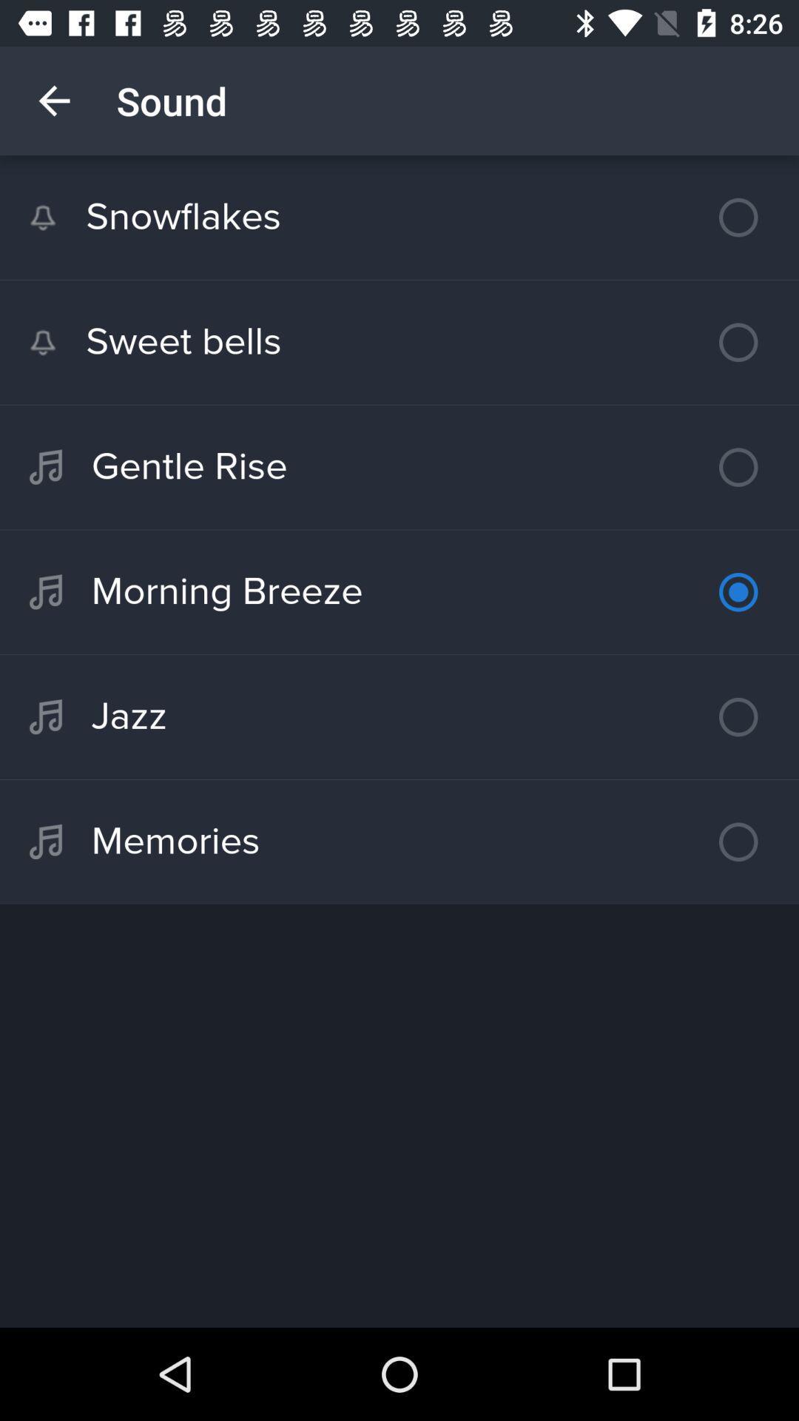 The height and width of the screenshot is (1421, 799). Describe the element at coordinates (399, 717) in the screenshot. I see `the item above memories item` at that location.